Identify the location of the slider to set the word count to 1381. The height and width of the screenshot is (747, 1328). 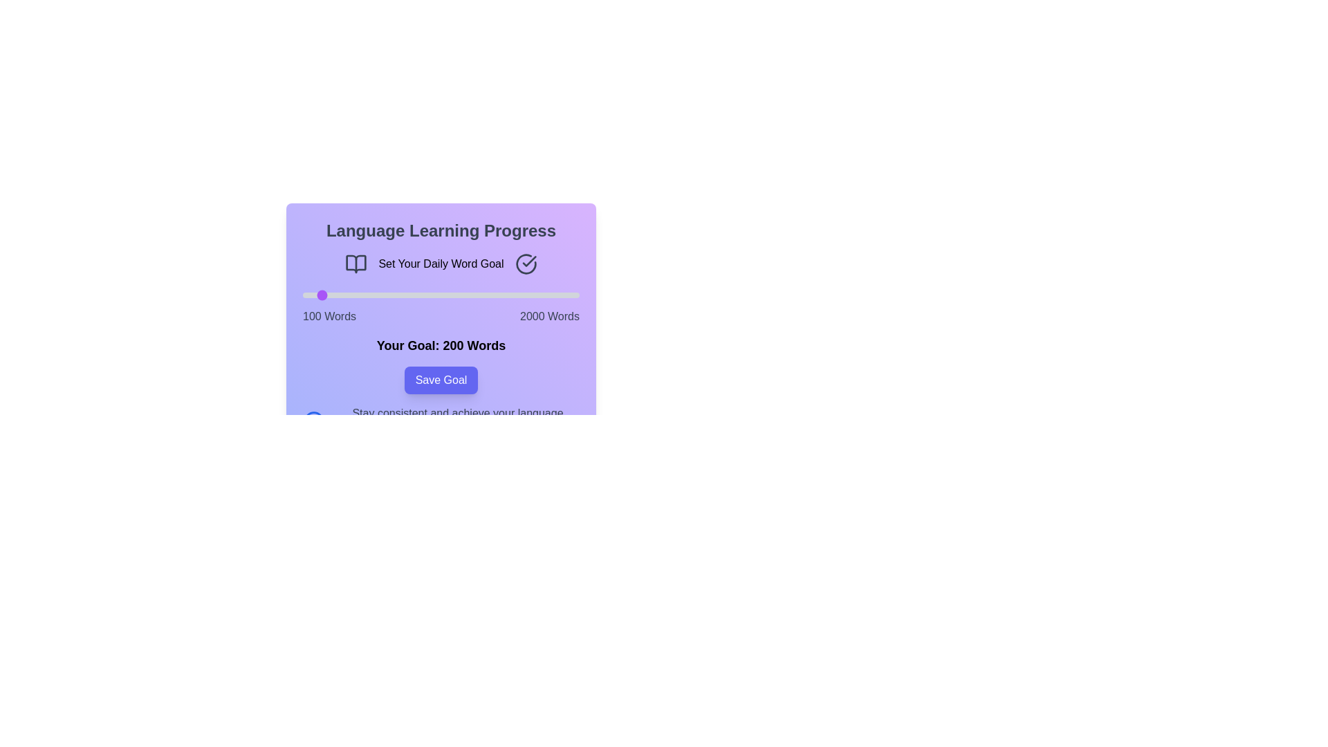
(489, 295).